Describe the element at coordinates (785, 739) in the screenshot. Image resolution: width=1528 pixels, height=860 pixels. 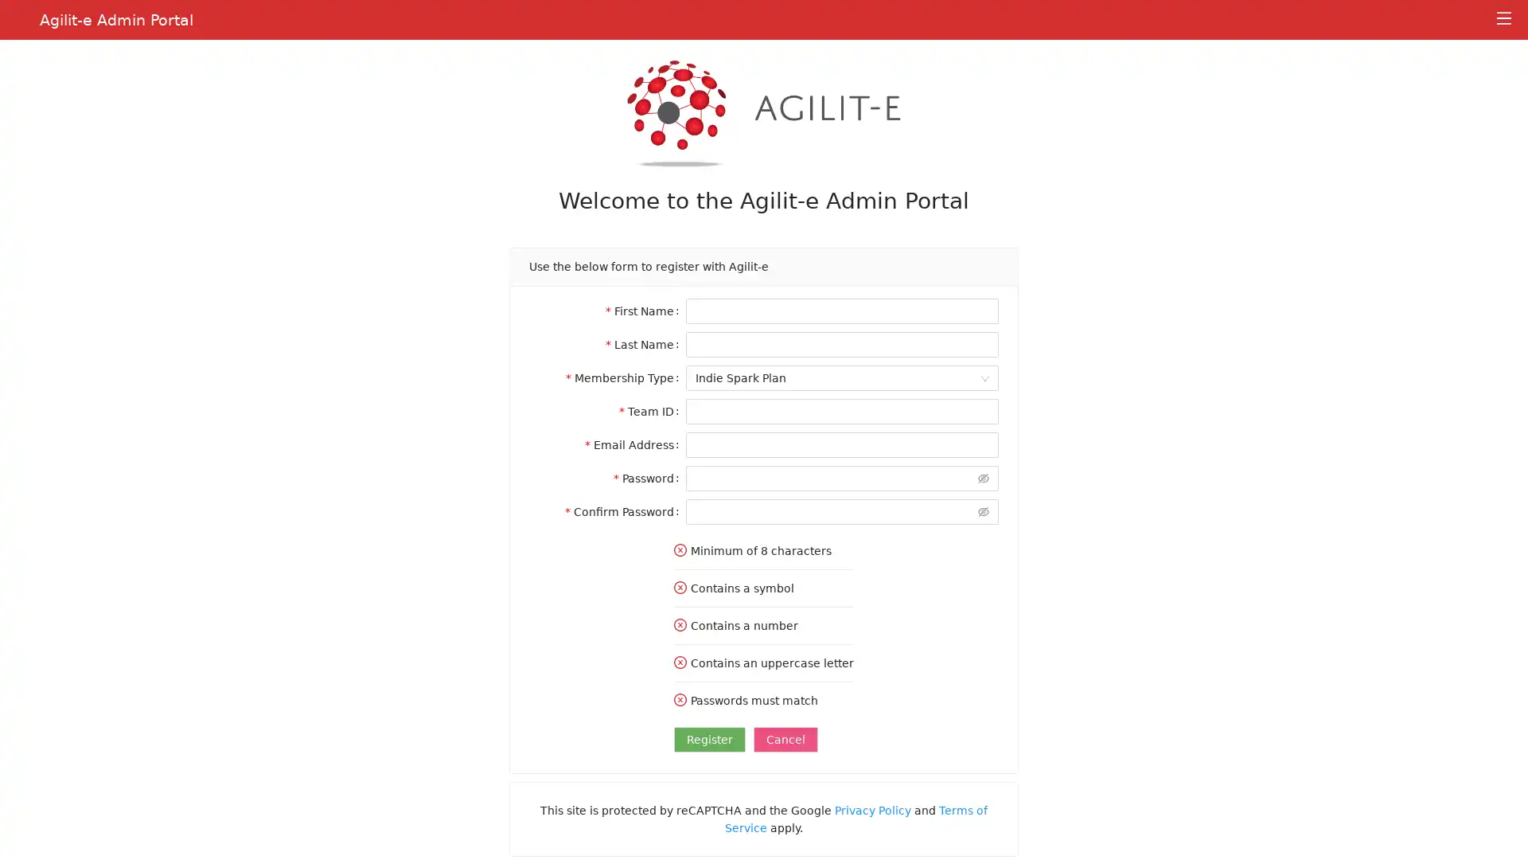
I see `Cancel` at that location.